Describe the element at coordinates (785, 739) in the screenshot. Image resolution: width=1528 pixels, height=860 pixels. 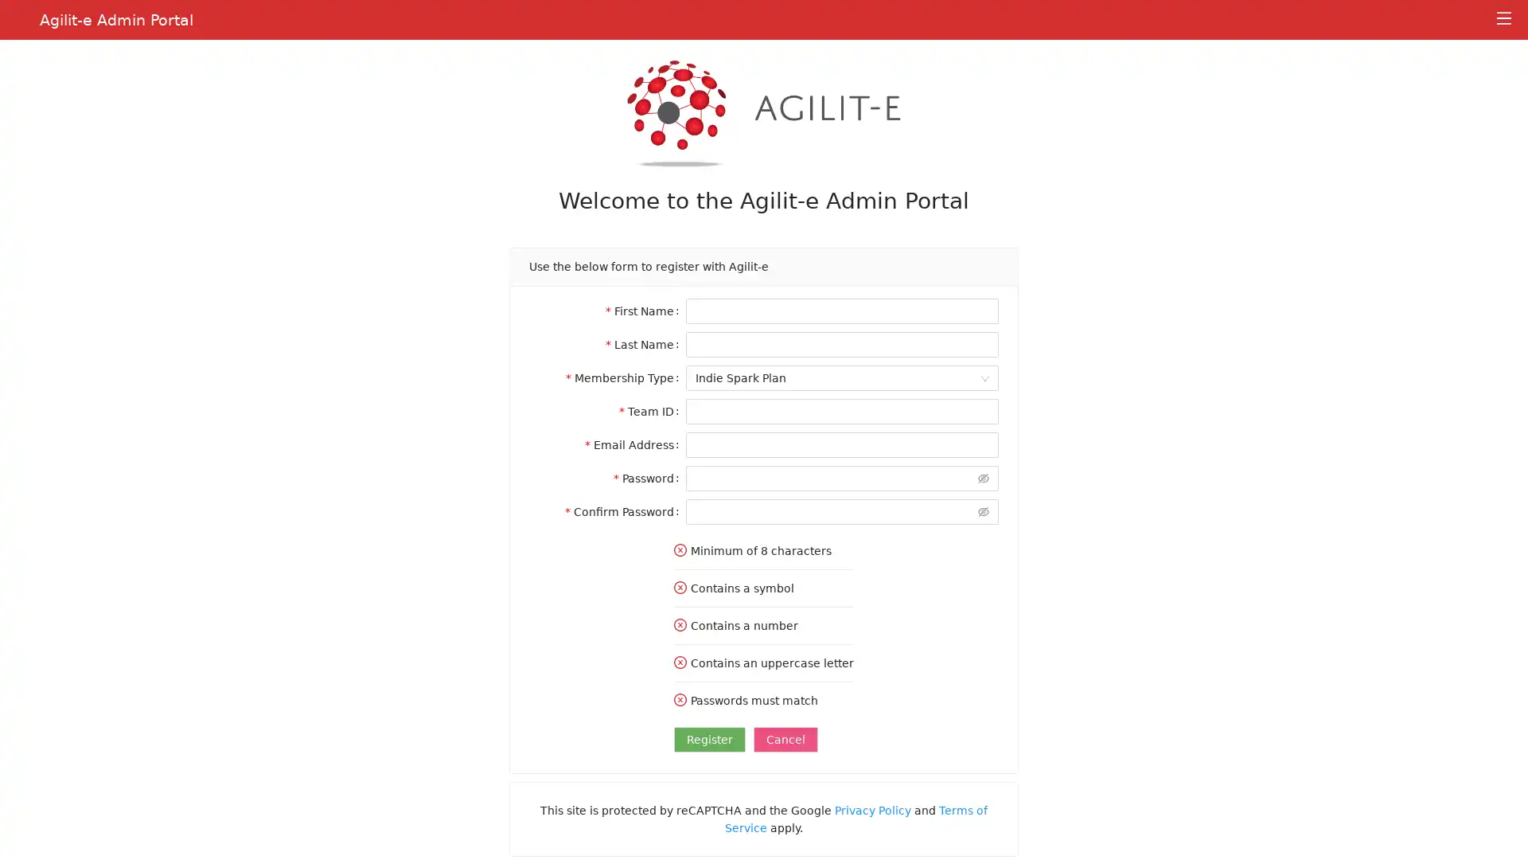
I see `Cancel` at that location.